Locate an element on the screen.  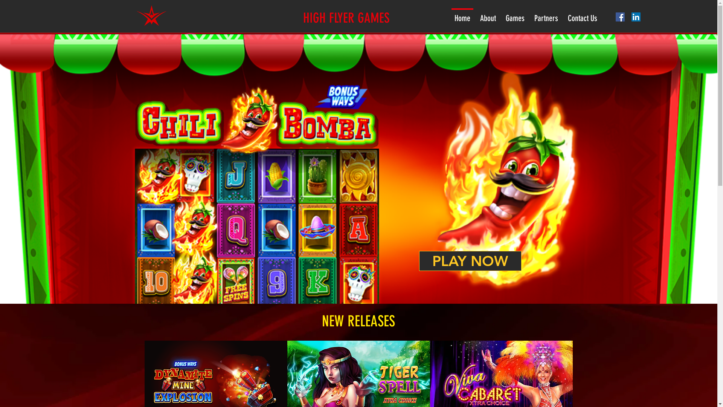
'Games' is located at coordinates (515, 15).